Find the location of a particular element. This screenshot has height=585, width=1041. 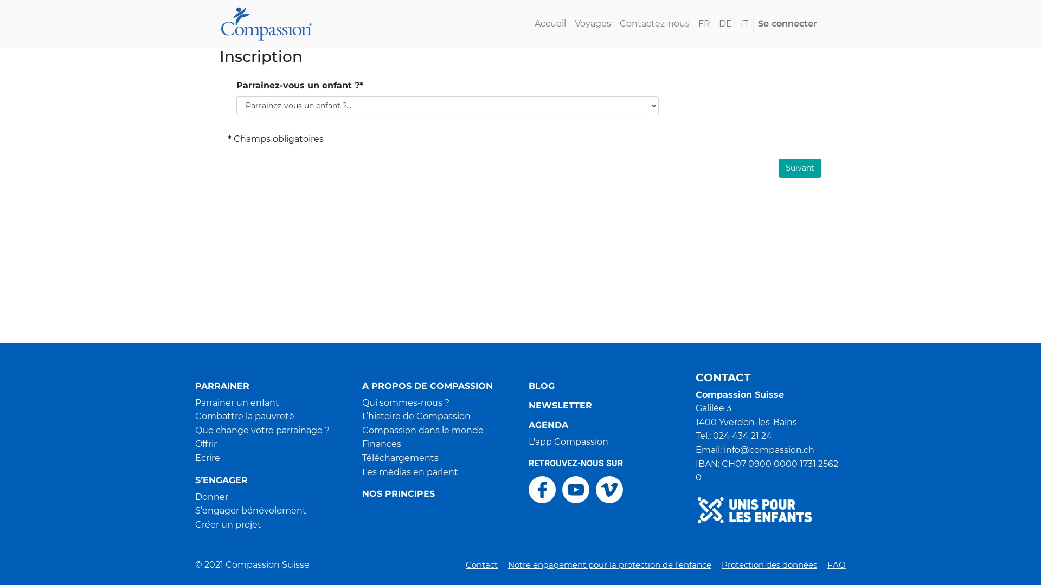

'Suivant' is located at coordinates (800, 168).